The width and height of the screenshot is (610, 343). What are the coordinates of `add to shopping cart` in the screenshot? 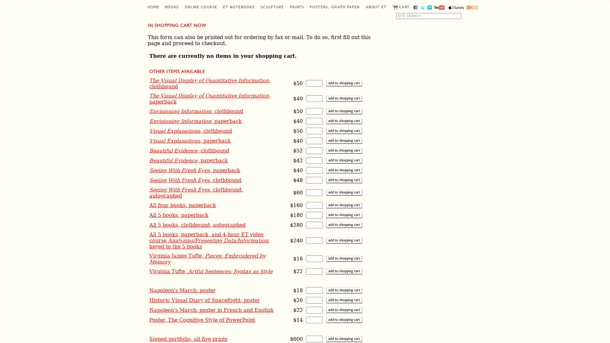 It's located at (344, 111).